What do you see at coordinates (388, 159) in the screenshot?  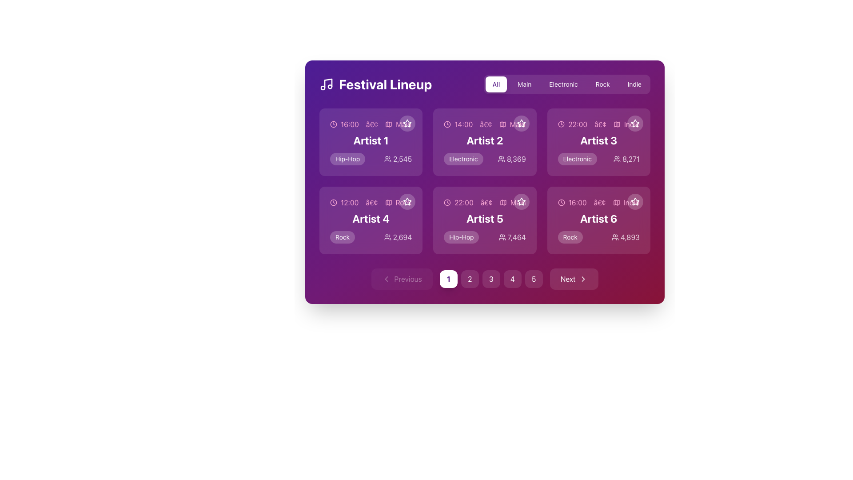 I see `the 'users' icon located to the left of the number '2,545' in the top-left card under 'Artist 1'` at bounding box center [388, 159].